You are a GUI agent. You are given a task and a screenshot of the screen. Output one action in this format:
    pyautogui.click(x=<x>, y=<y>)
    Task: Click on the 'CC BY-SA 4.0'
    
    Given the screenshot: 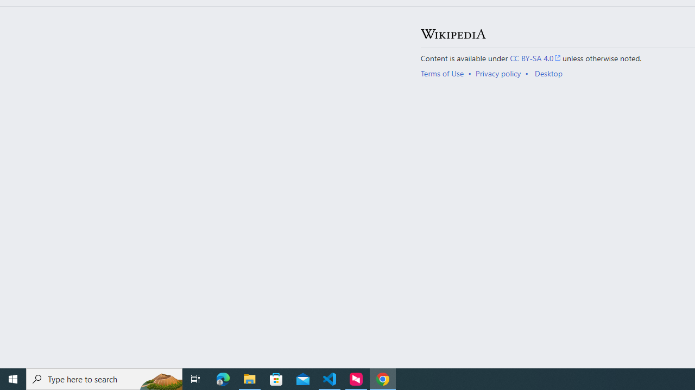 What is the action you would take?
    pyautogui.click(x=535, y=57)
    